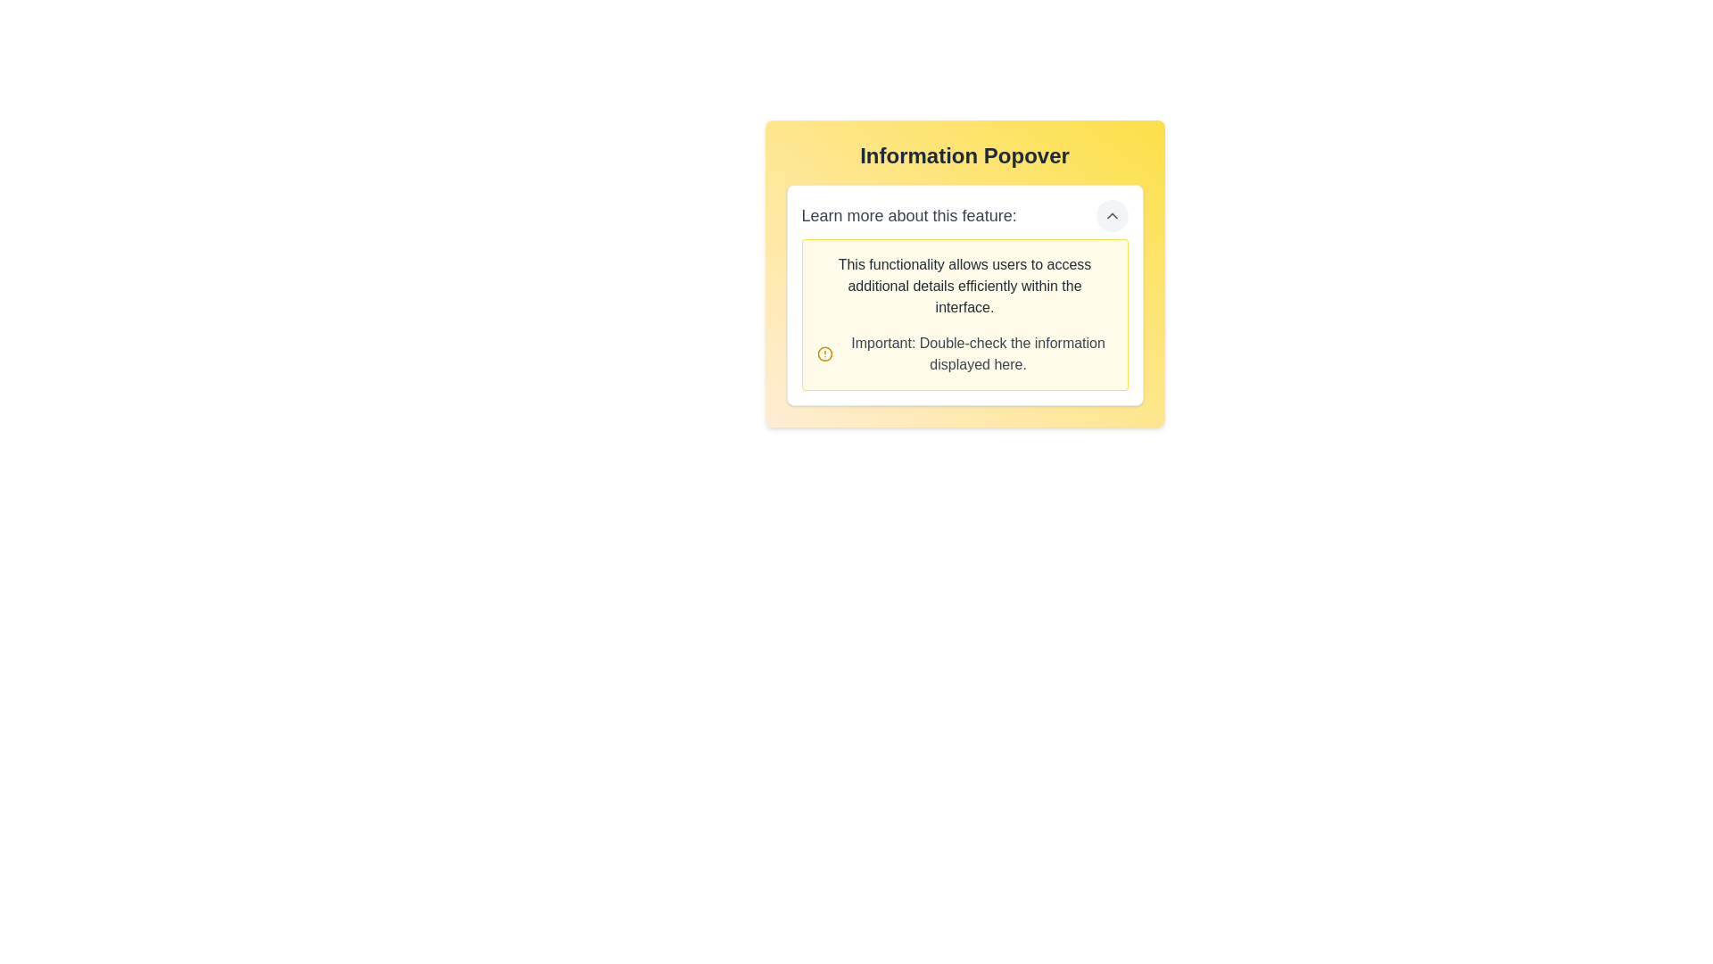 This screenshot has height=964, width=1713. Describe the element at coordinates (964, 215) in the screenshot. I see `the text heading 'Learn more about this feature:' which includes an interactive upward chevron icon for potential interactive effects` at that location.